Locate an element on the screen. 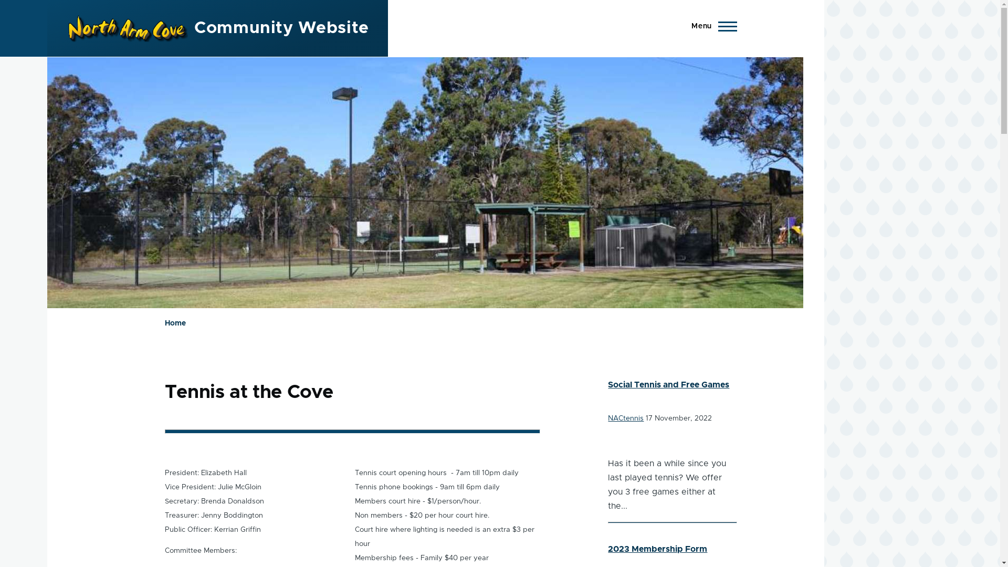  'Community Website' is located at coordinates (281, 28).